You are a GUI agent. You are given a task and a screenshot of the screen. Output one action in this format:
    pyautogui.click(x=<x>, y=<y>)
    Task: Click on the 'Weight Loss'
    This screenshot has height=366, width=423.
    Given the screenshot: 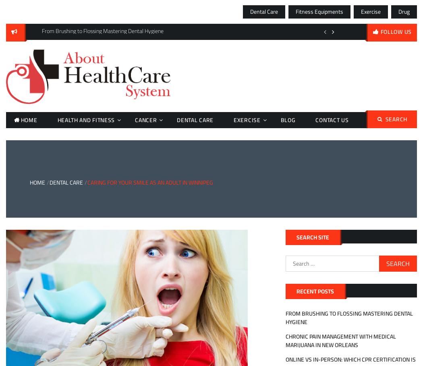 What is the action you would take?
    pyautogui.click(x=250, y=196)
    